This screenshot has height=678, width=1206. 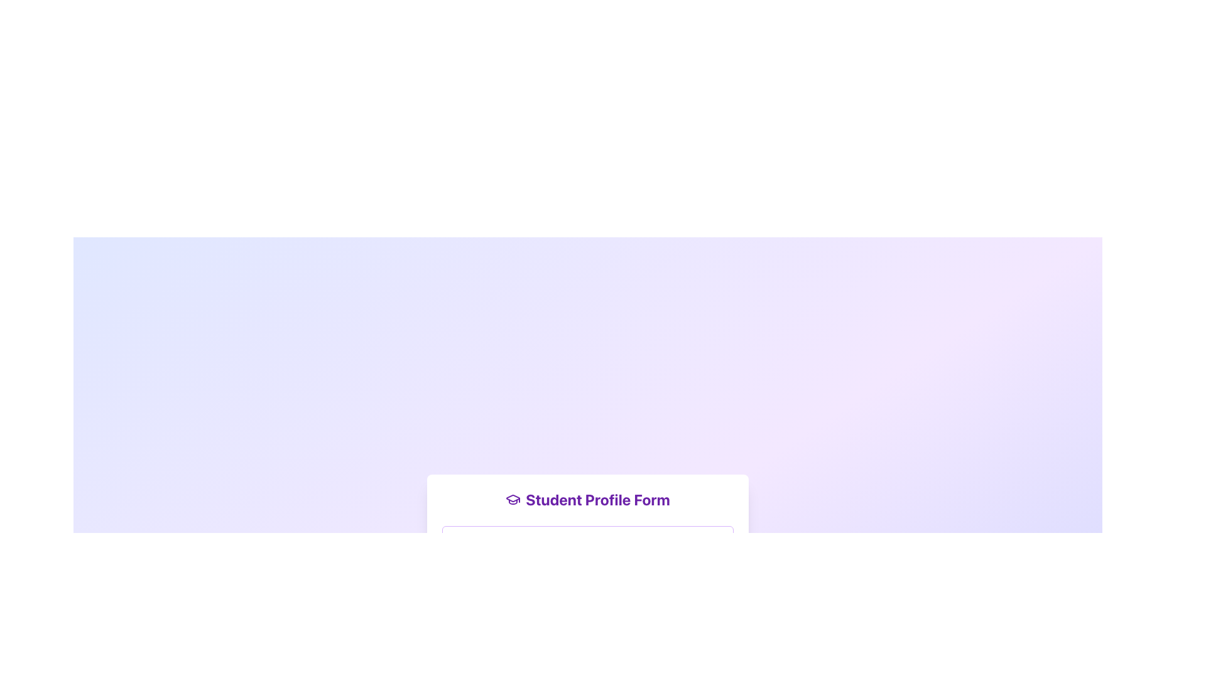 What do you see at coordinates (587, 498) in the screenshot?
I see `the header labeled 'Student Profile Form' which is styled in bold purple font and accompanied by a graduation cap icon` at bounding box center [587, 498].